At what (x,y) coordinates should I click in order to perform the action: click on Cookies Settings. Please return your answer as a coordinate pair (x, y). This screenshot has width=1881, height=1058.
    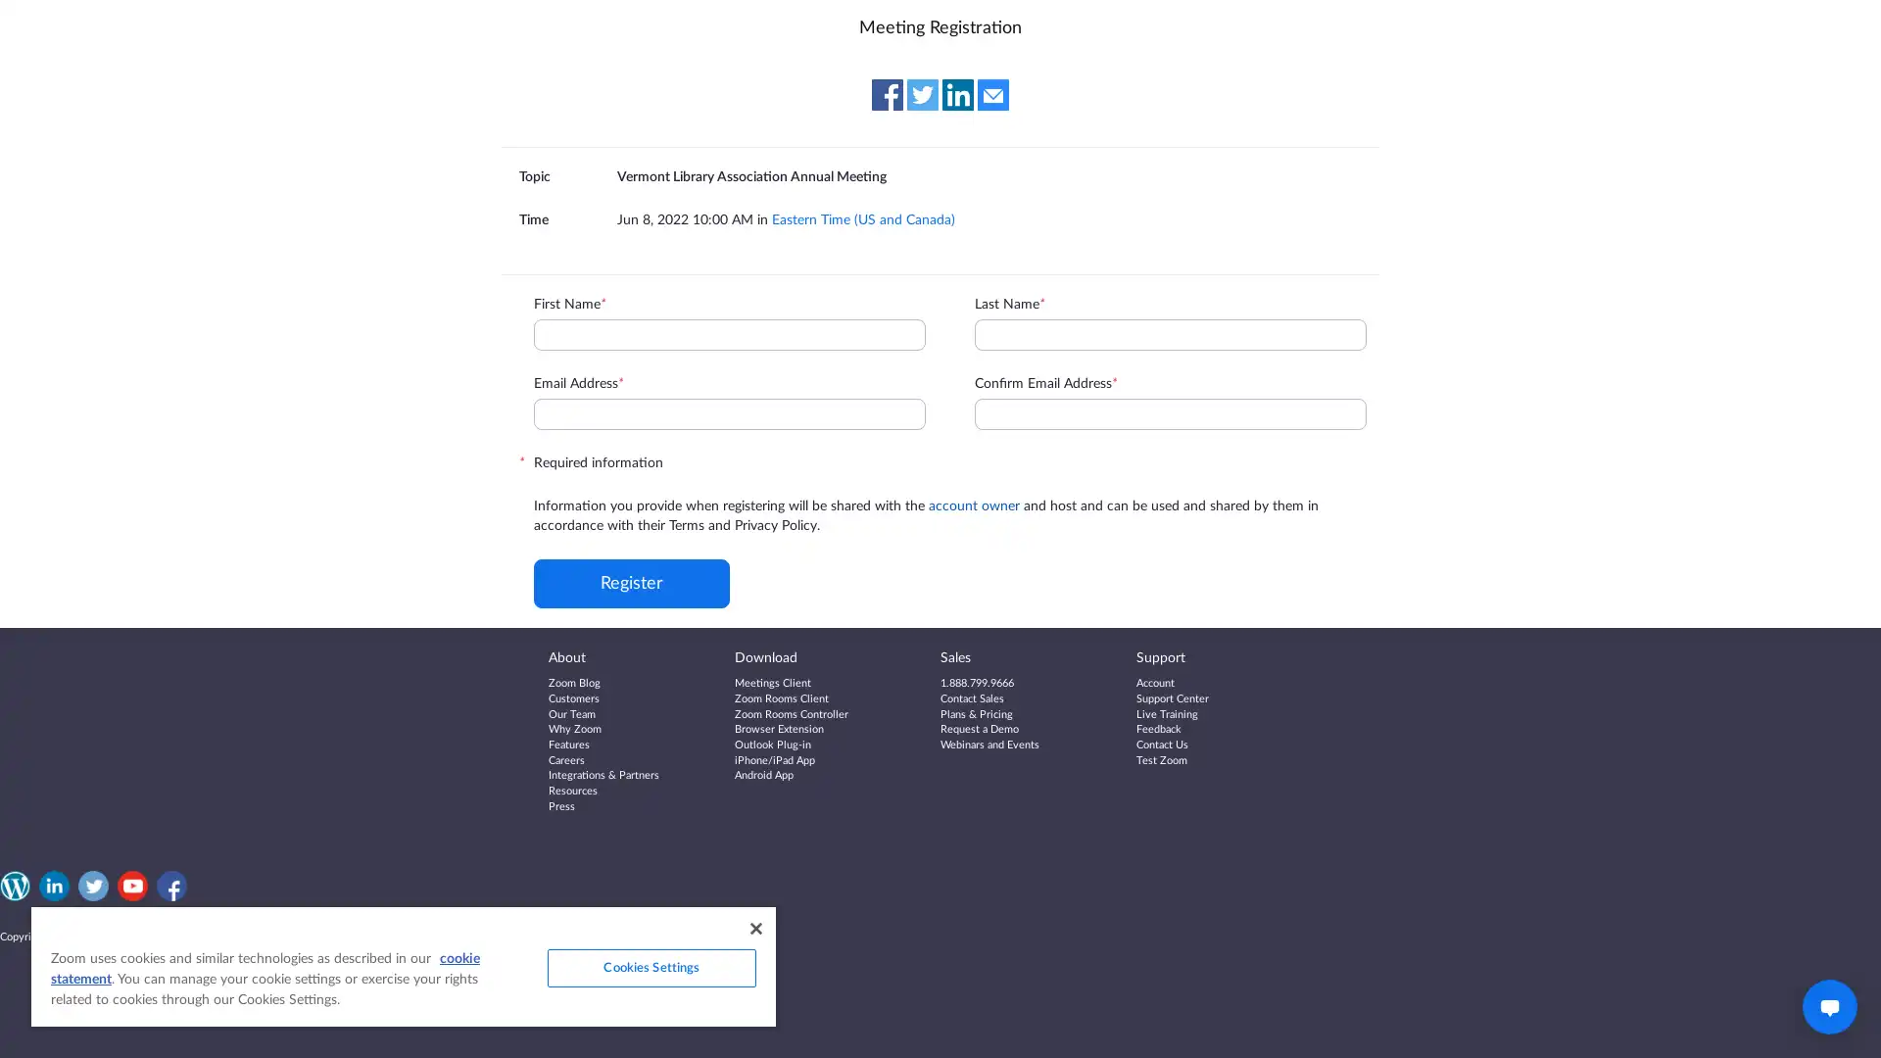
    Looking at the image, I should click on (651, 967).